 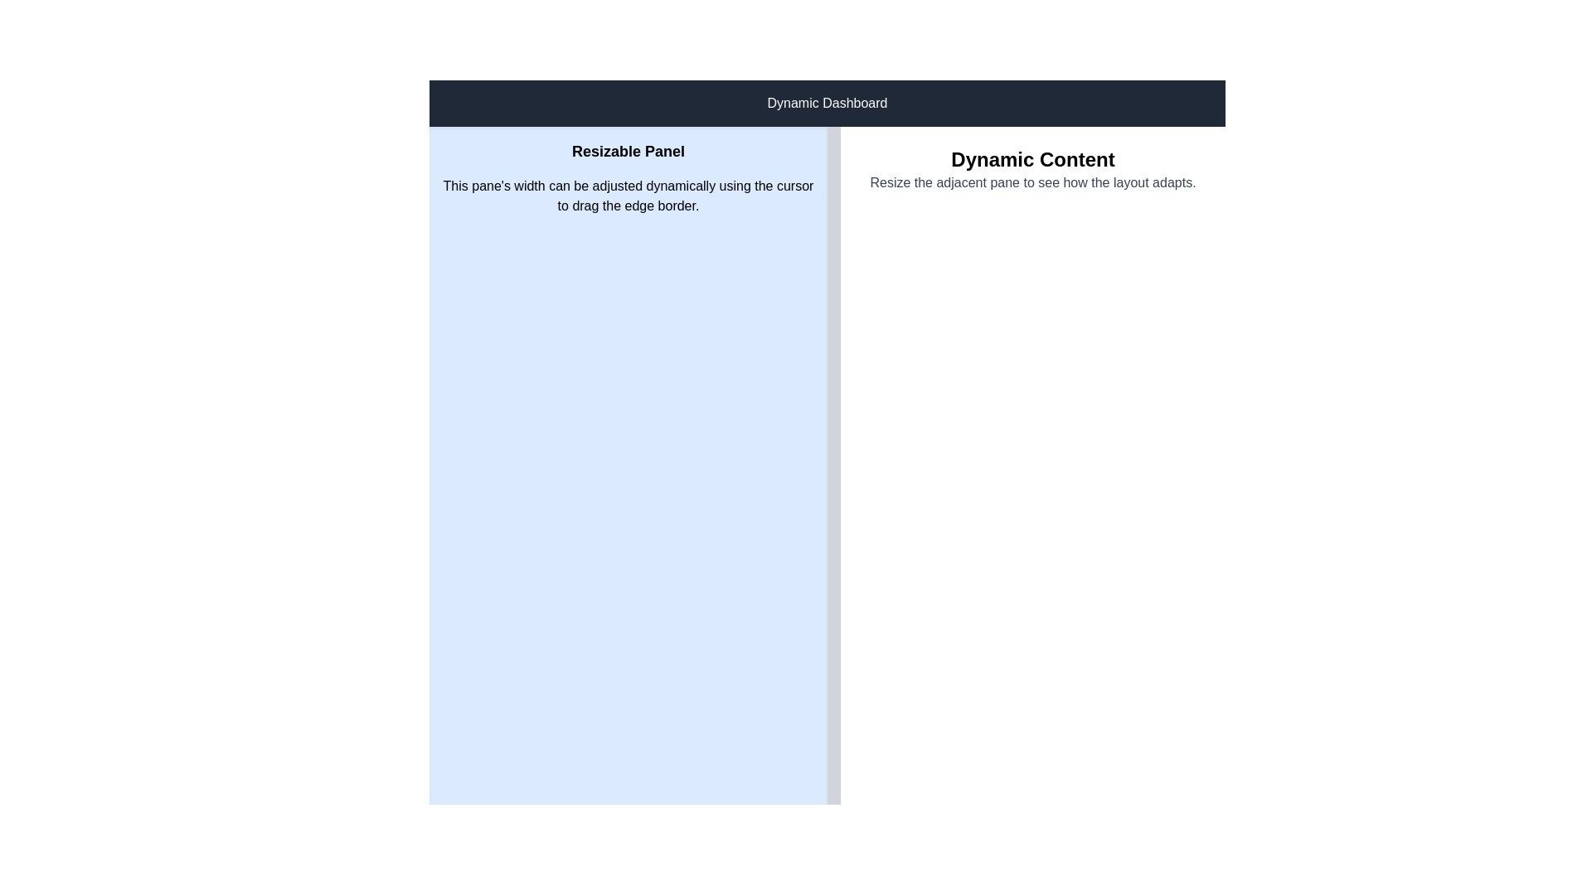 What do you see at coordinates (1032, 182) in the screenshot?
I see `the textual element displaying the message 'Resize the adjacent pane to see how the layout adapts.' styled with a gray font, located underneath the heading 'Dynamic Content'` at bounding box center [1032, 182].